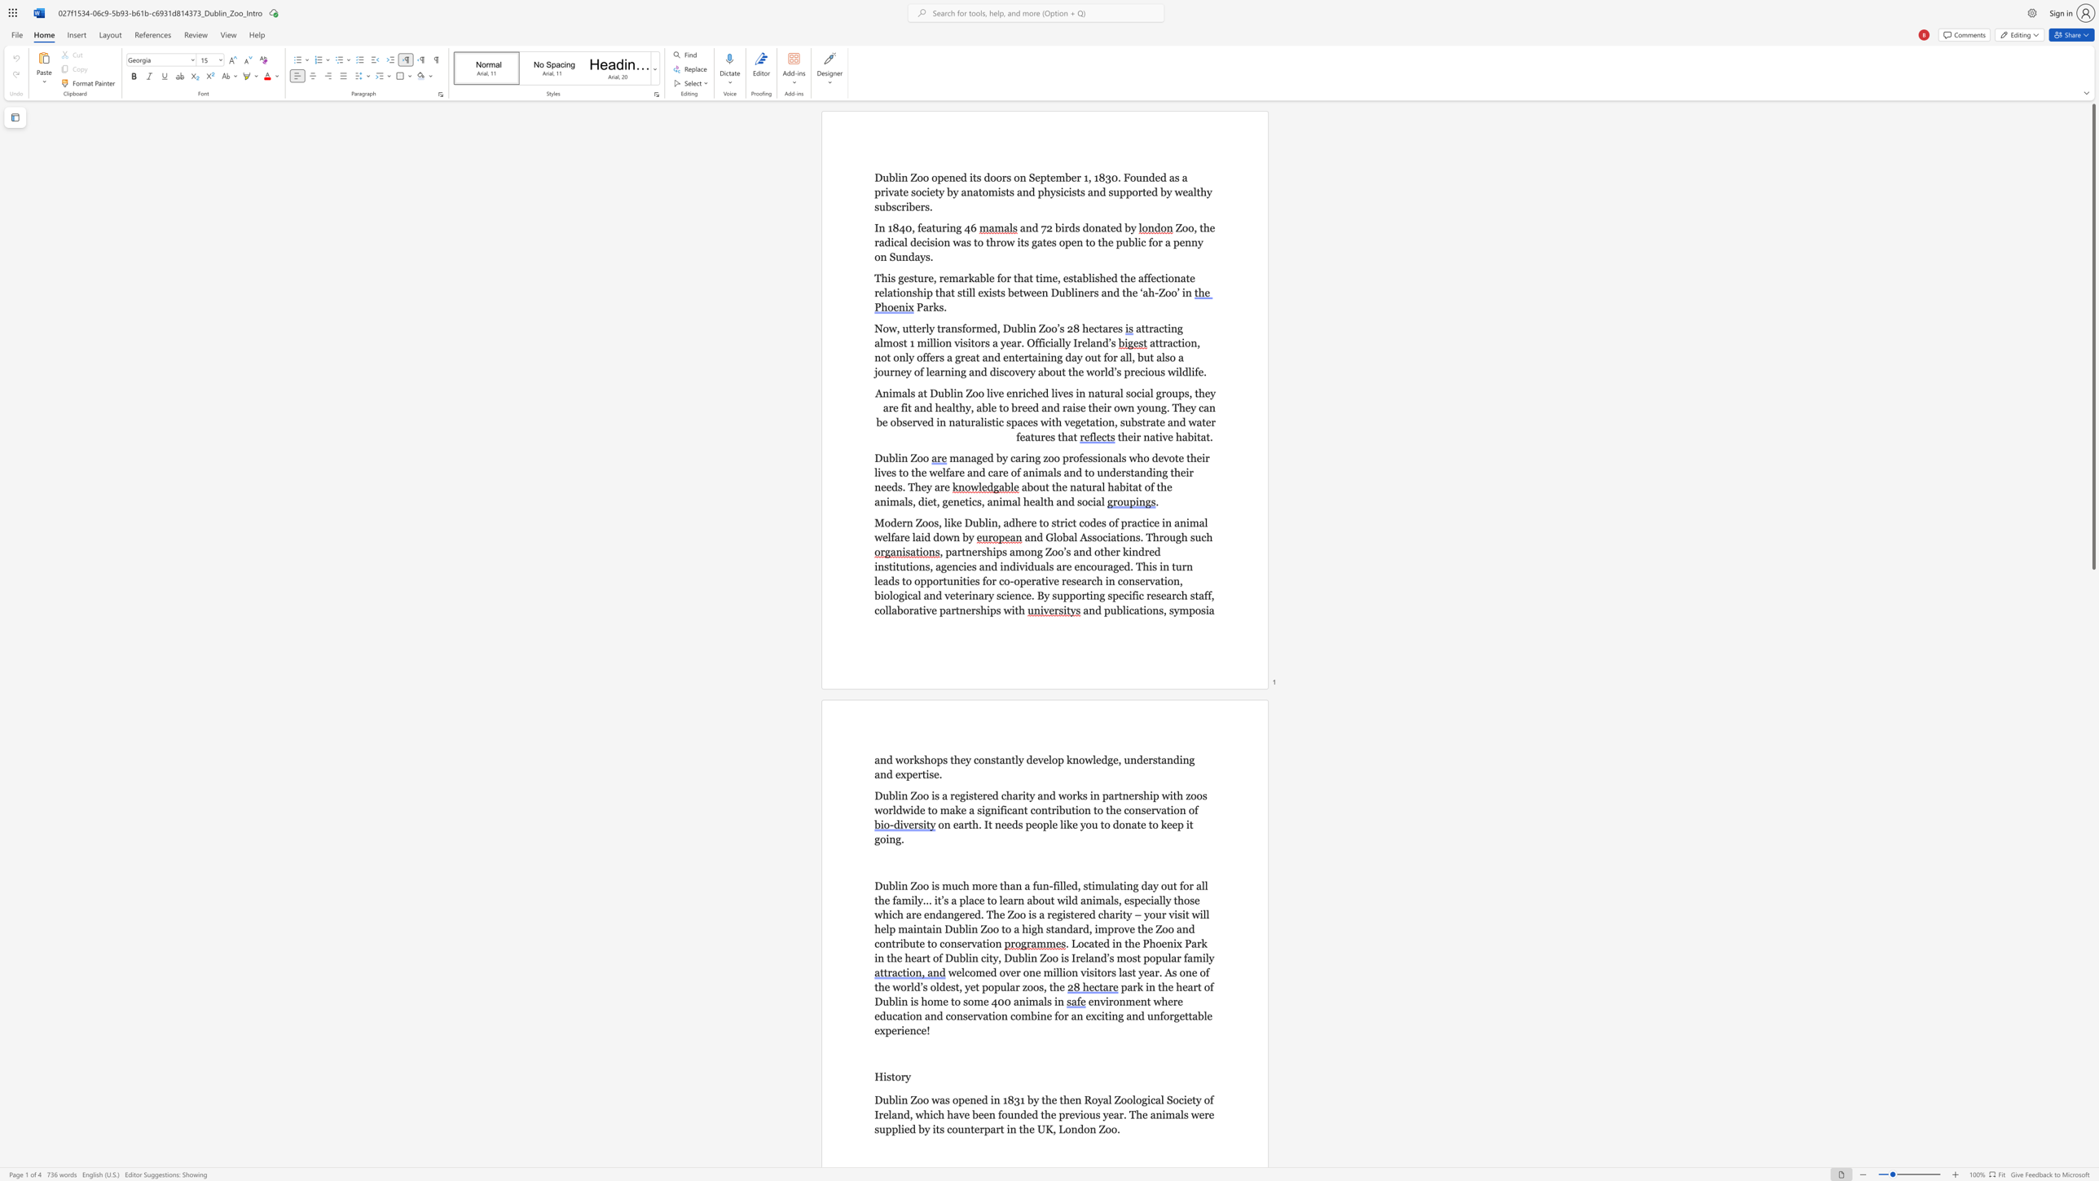 This screenshot has width=2099, height=1181. I want to click on the 2th character "s" in the text, so click(1131, 899).